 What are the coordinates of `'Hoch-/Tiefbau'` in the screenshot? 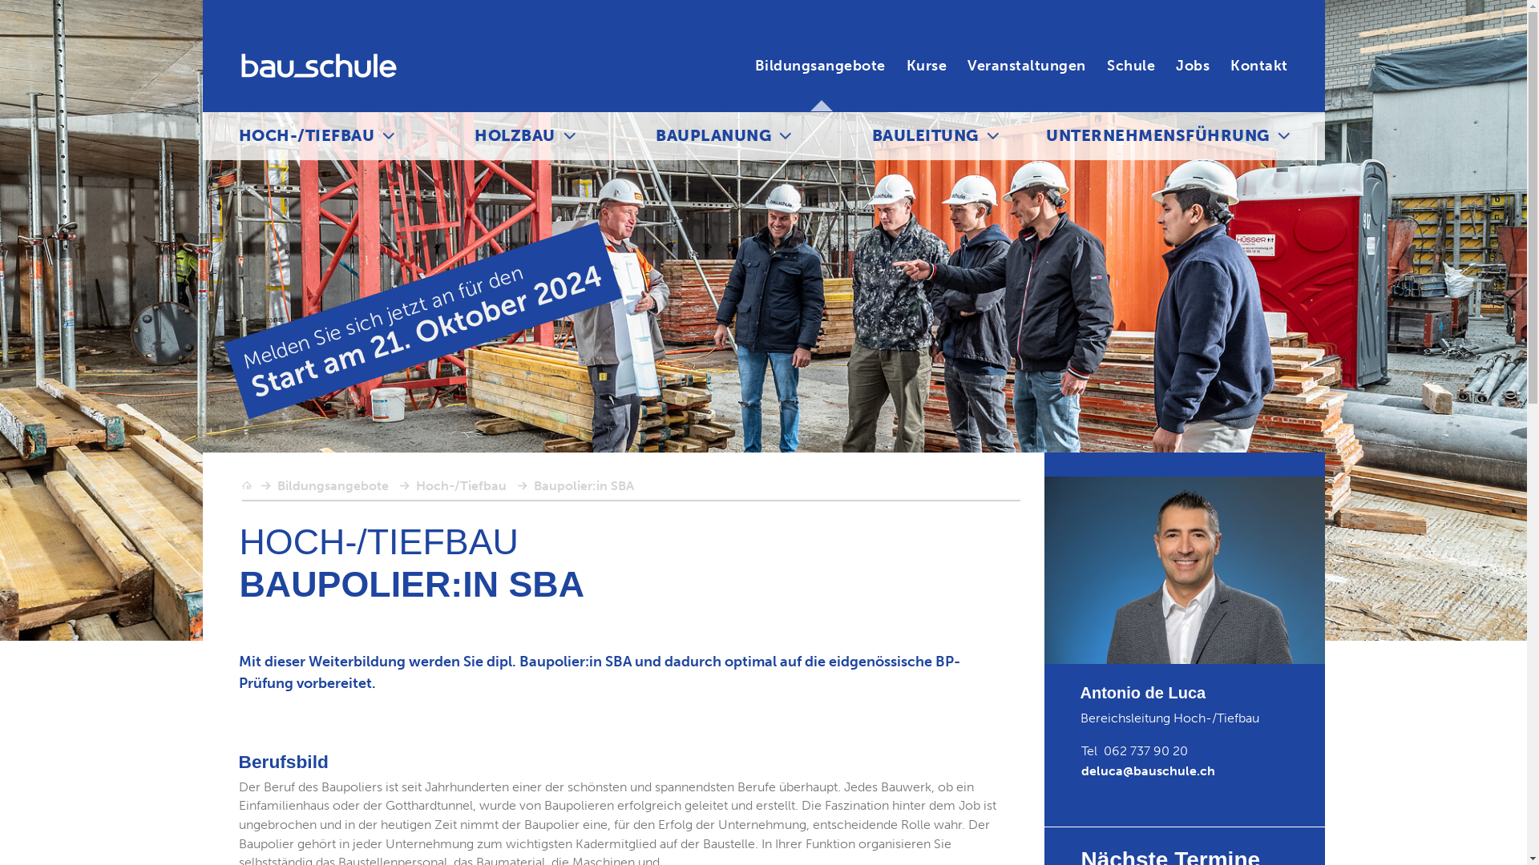 It's located at (459, 485).